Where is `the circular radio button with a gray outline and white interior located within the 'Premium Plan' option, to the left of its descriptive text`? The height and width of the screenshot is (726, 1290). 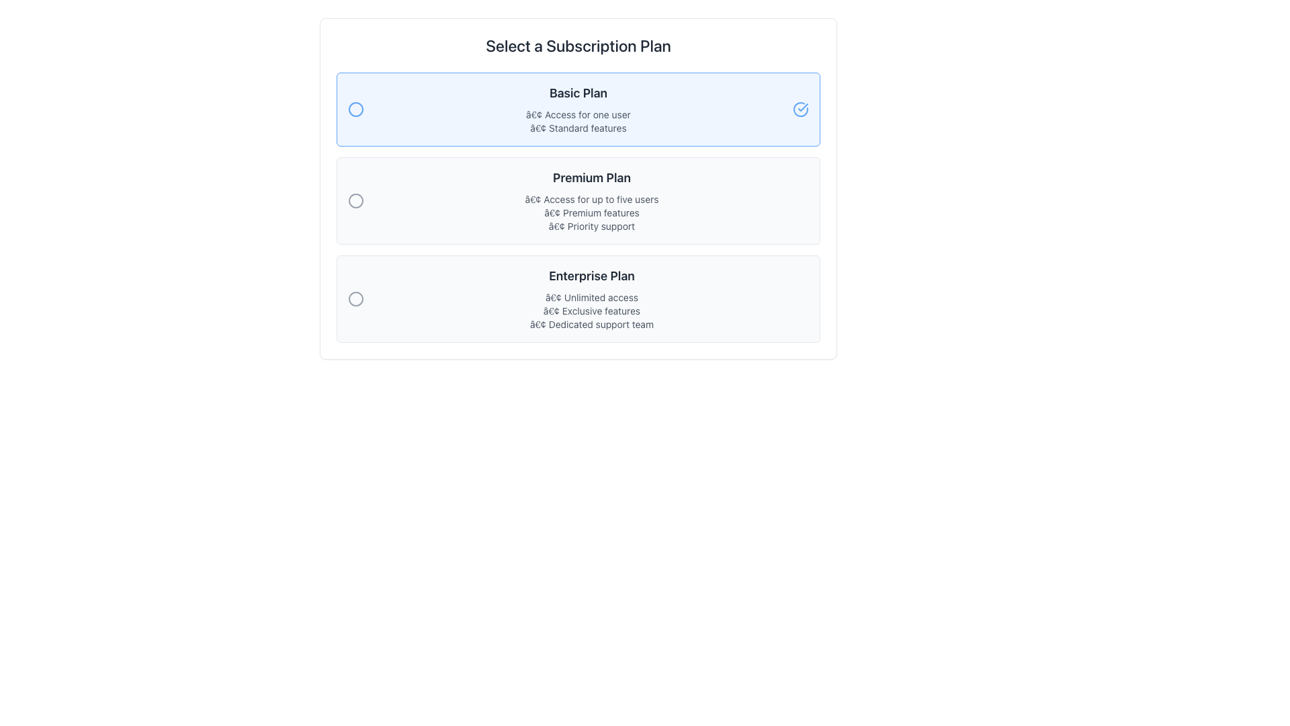 the circular radio button with a gray outline and white interior located within the 'Premium Plan' option, to the left of its descriptive text is located at coordinates (355, 201).